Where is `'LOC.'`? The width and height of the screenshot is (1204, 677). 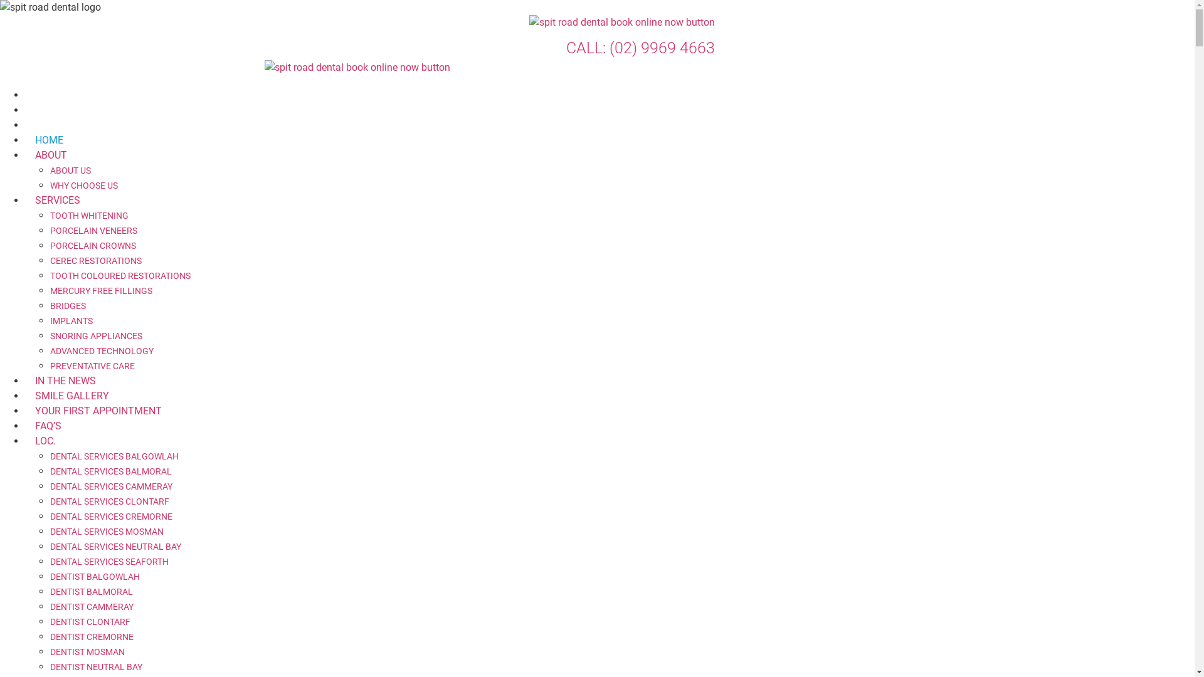 'LOC.' is located at coordinates (45, 440).